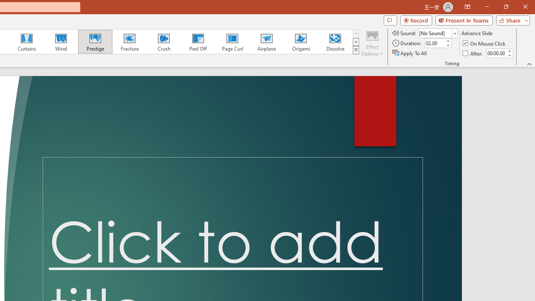  Describe the element at coordinates (197, 42) in the screenshot. I see `'Peel Off'` at that location.